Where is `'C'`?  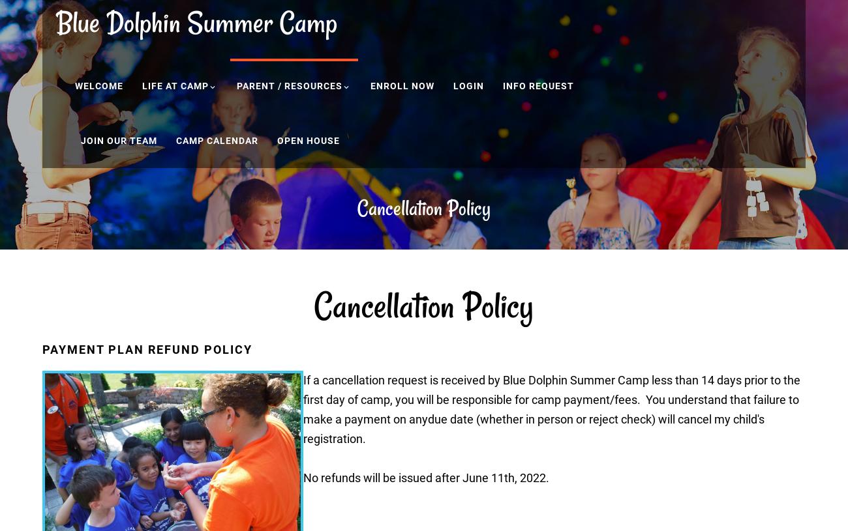 'C' is located at coordinates (286, 22).